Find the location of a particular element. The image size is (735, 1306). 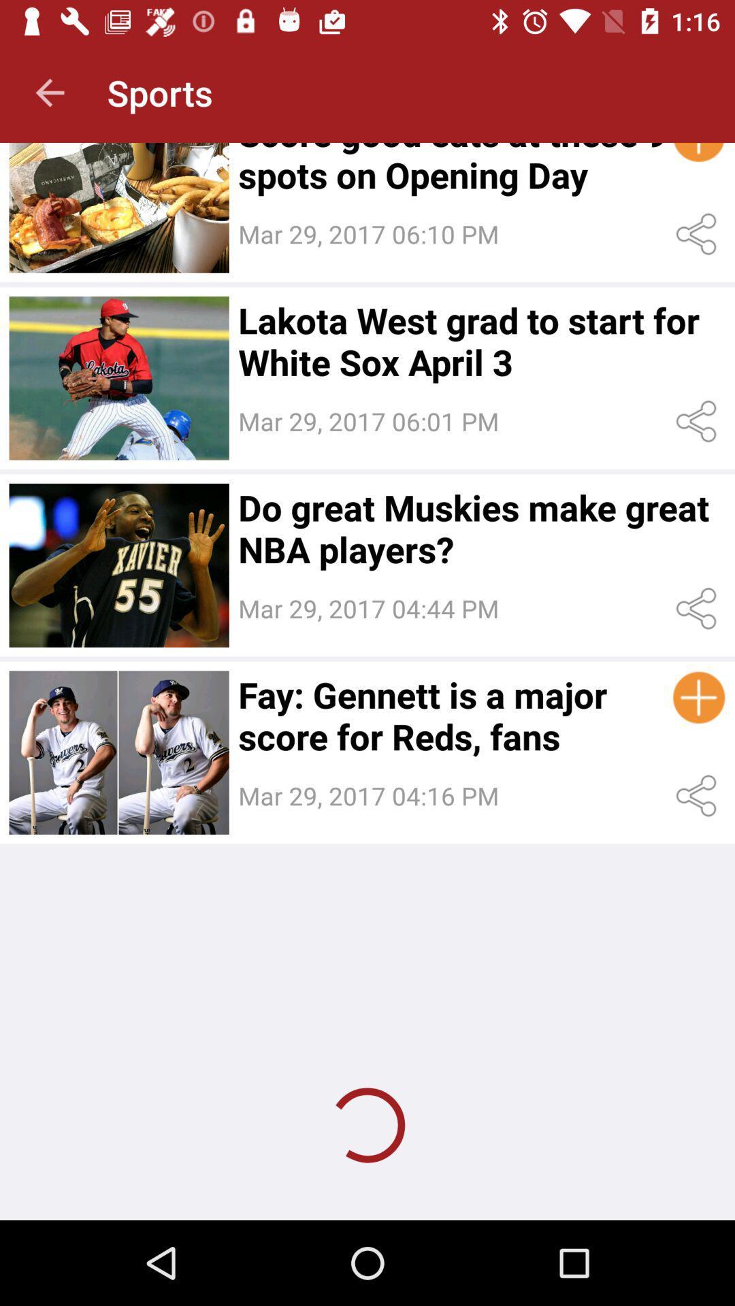

share the article is located at coordinates (699, 420).